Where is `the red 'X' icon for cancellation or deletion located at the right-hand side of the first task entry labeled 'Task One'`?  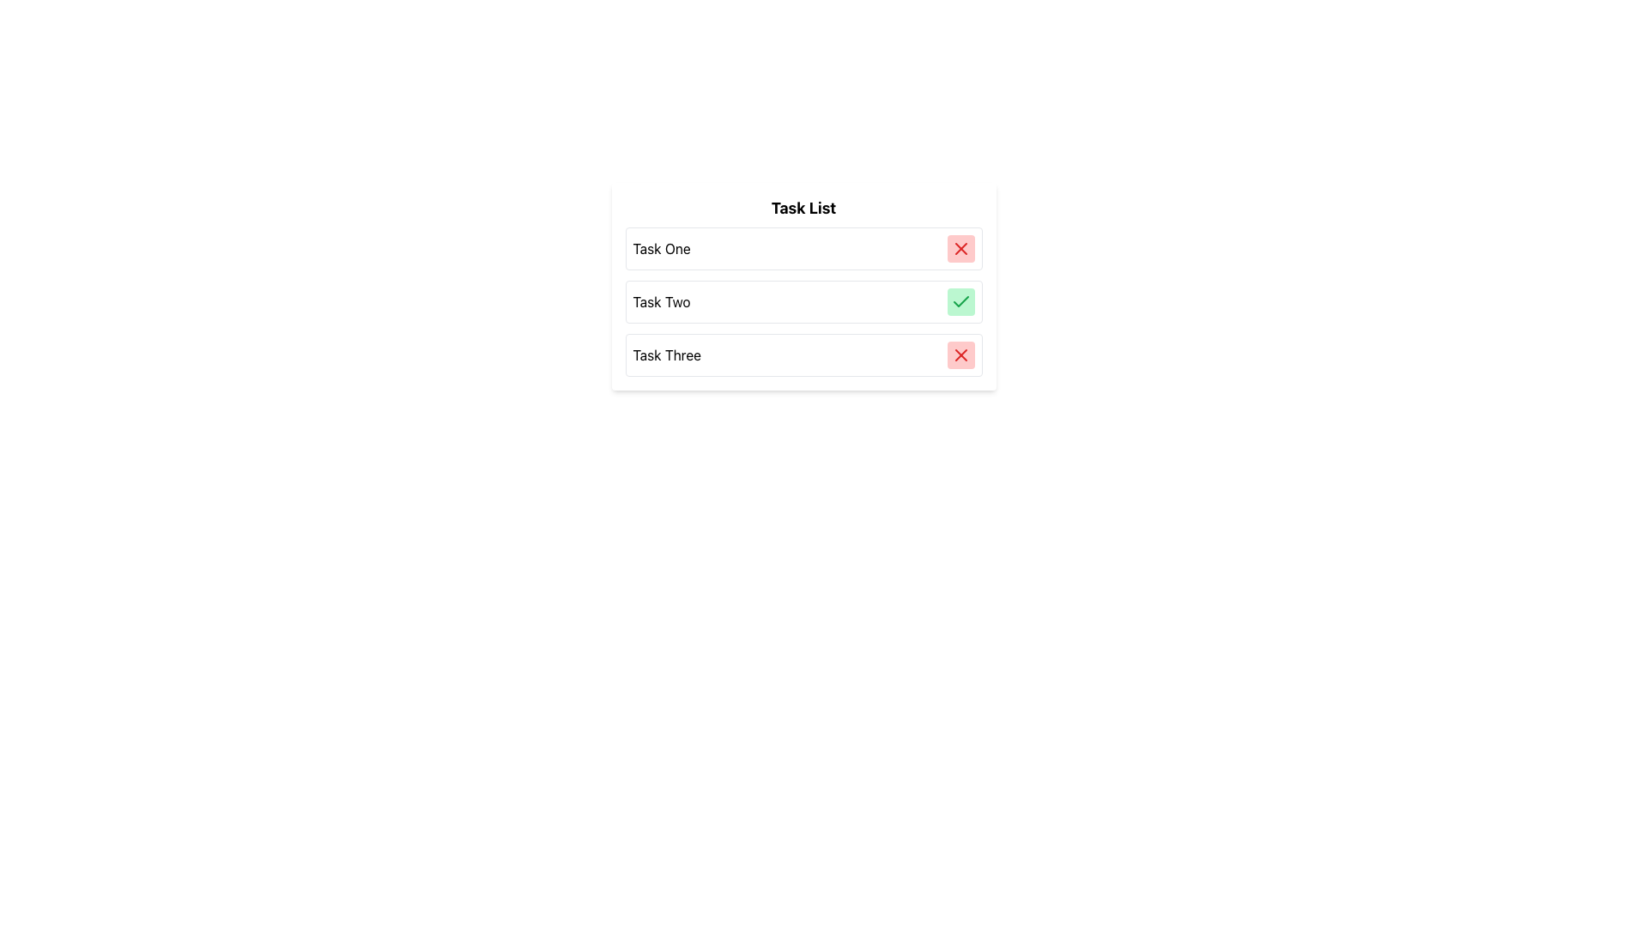 the red 'X' icon for cancellation or deletion located at the right-hand side of the first task entry labeled 'Task One' is located at coordinates (960, 248).